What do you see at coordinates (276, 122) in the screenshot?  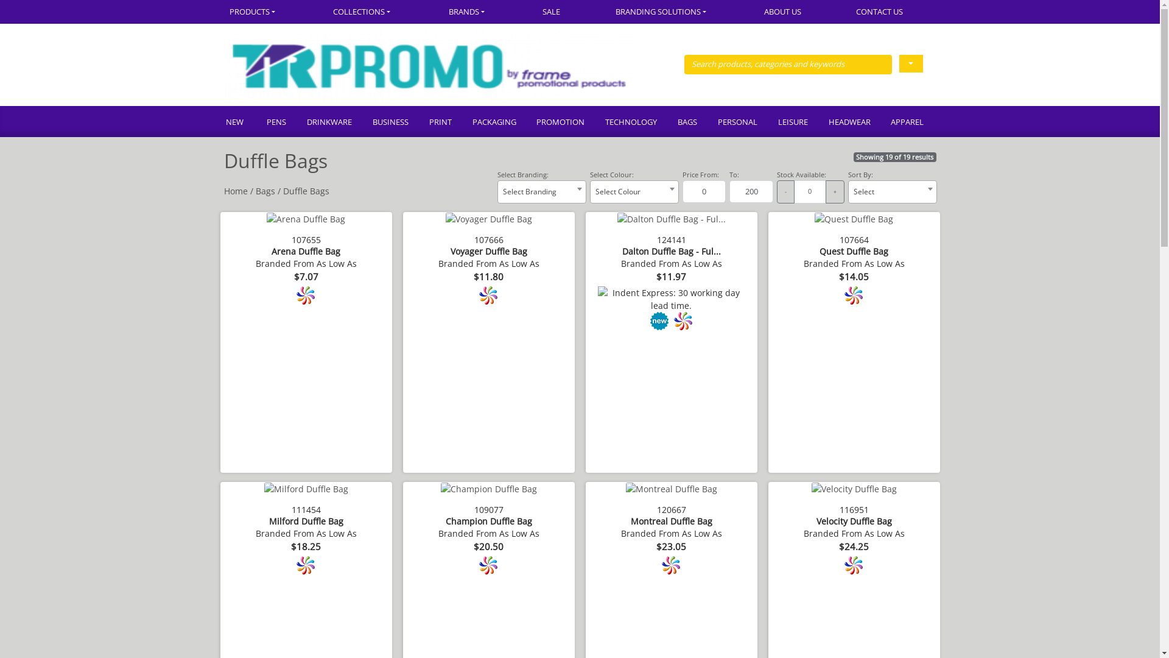 I see `'PENS'` at bounding box center [276, 122].